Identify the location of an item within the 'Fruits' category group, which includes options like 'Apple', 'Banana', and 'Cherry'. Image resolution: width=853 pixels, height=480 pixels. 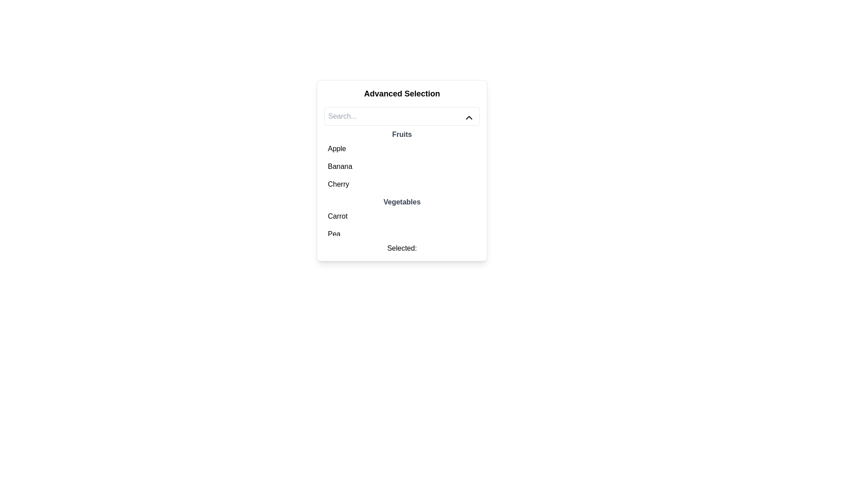
(402, 161).